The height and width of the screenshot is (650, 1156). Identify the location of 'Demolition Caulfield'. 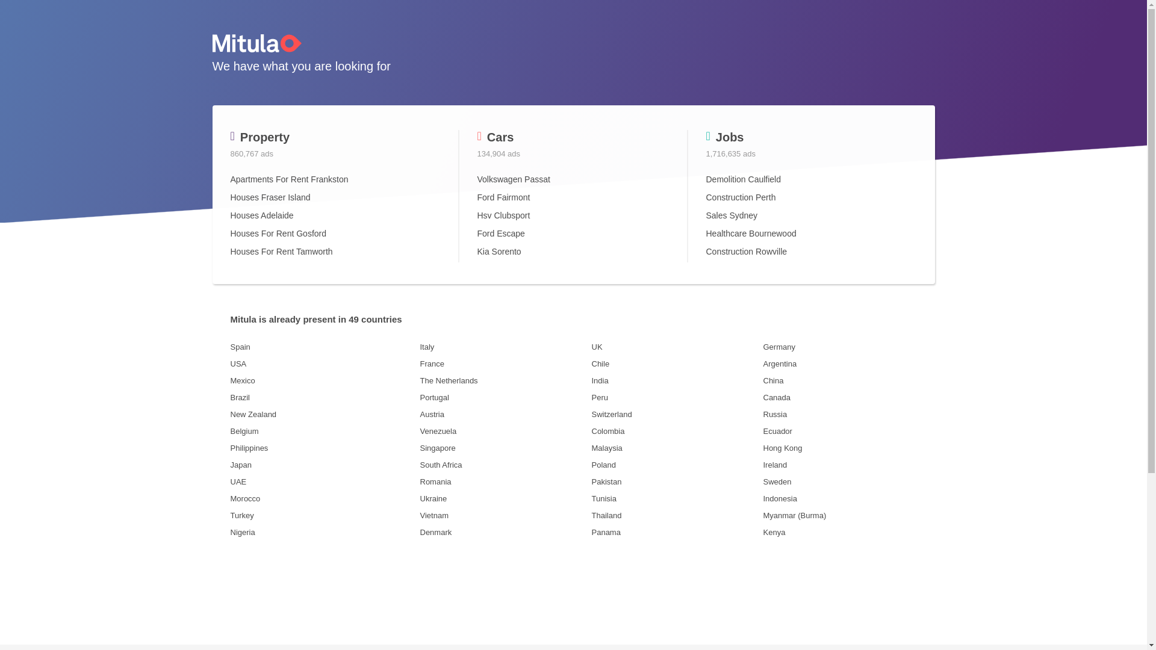
(742, 179).